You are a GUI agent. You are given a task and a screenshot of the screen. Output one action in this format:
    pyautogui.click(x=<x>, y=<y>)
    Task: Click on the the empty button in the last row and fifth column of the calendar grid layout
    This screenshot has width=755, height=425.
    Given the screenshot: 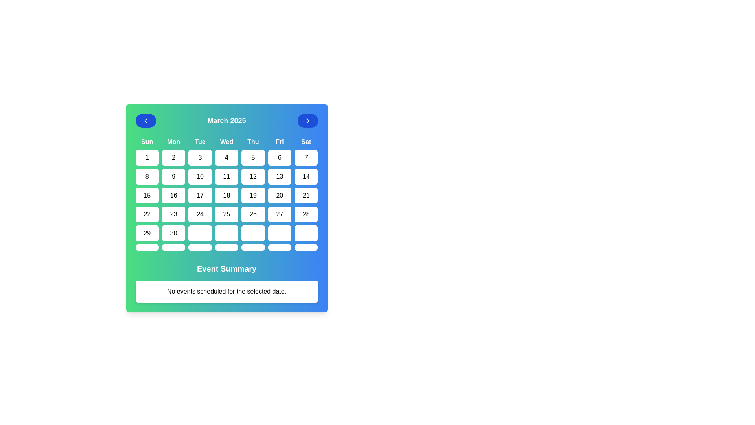 What is the action you would take?
    pyautogui.click(x=253, y=233)
    